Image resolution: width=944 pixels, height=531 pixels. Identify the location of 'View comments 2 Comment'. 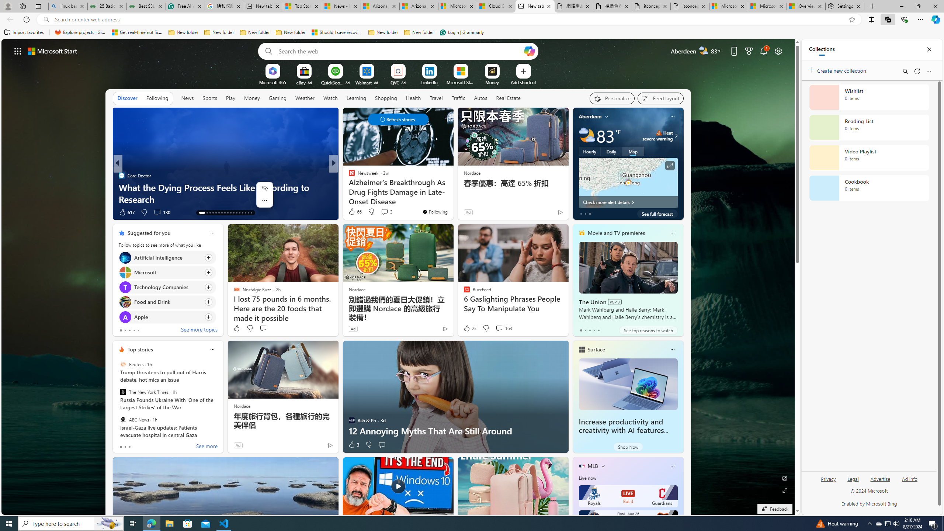
(383, 212).